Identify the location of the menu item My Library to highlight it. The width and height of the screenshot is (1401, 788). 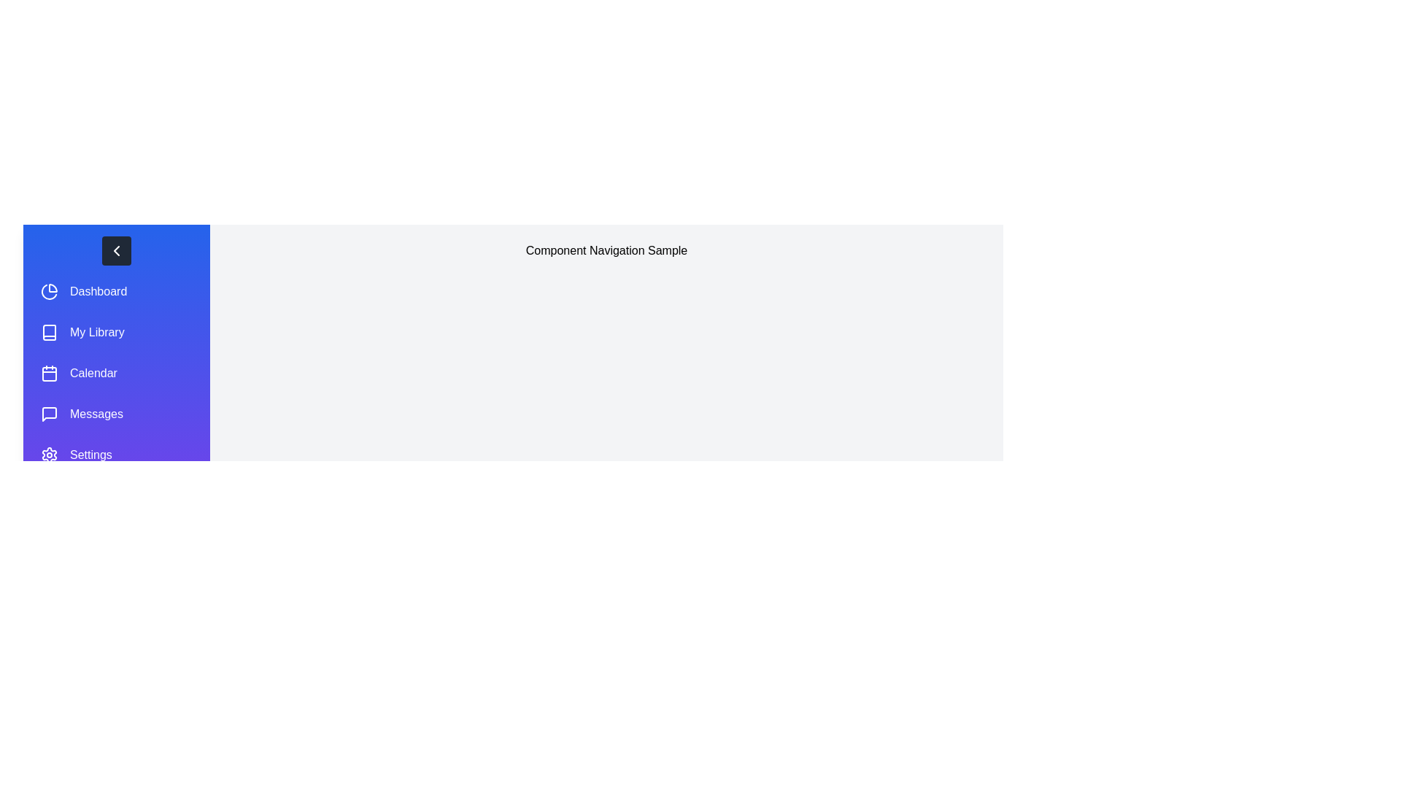
(115, 332).